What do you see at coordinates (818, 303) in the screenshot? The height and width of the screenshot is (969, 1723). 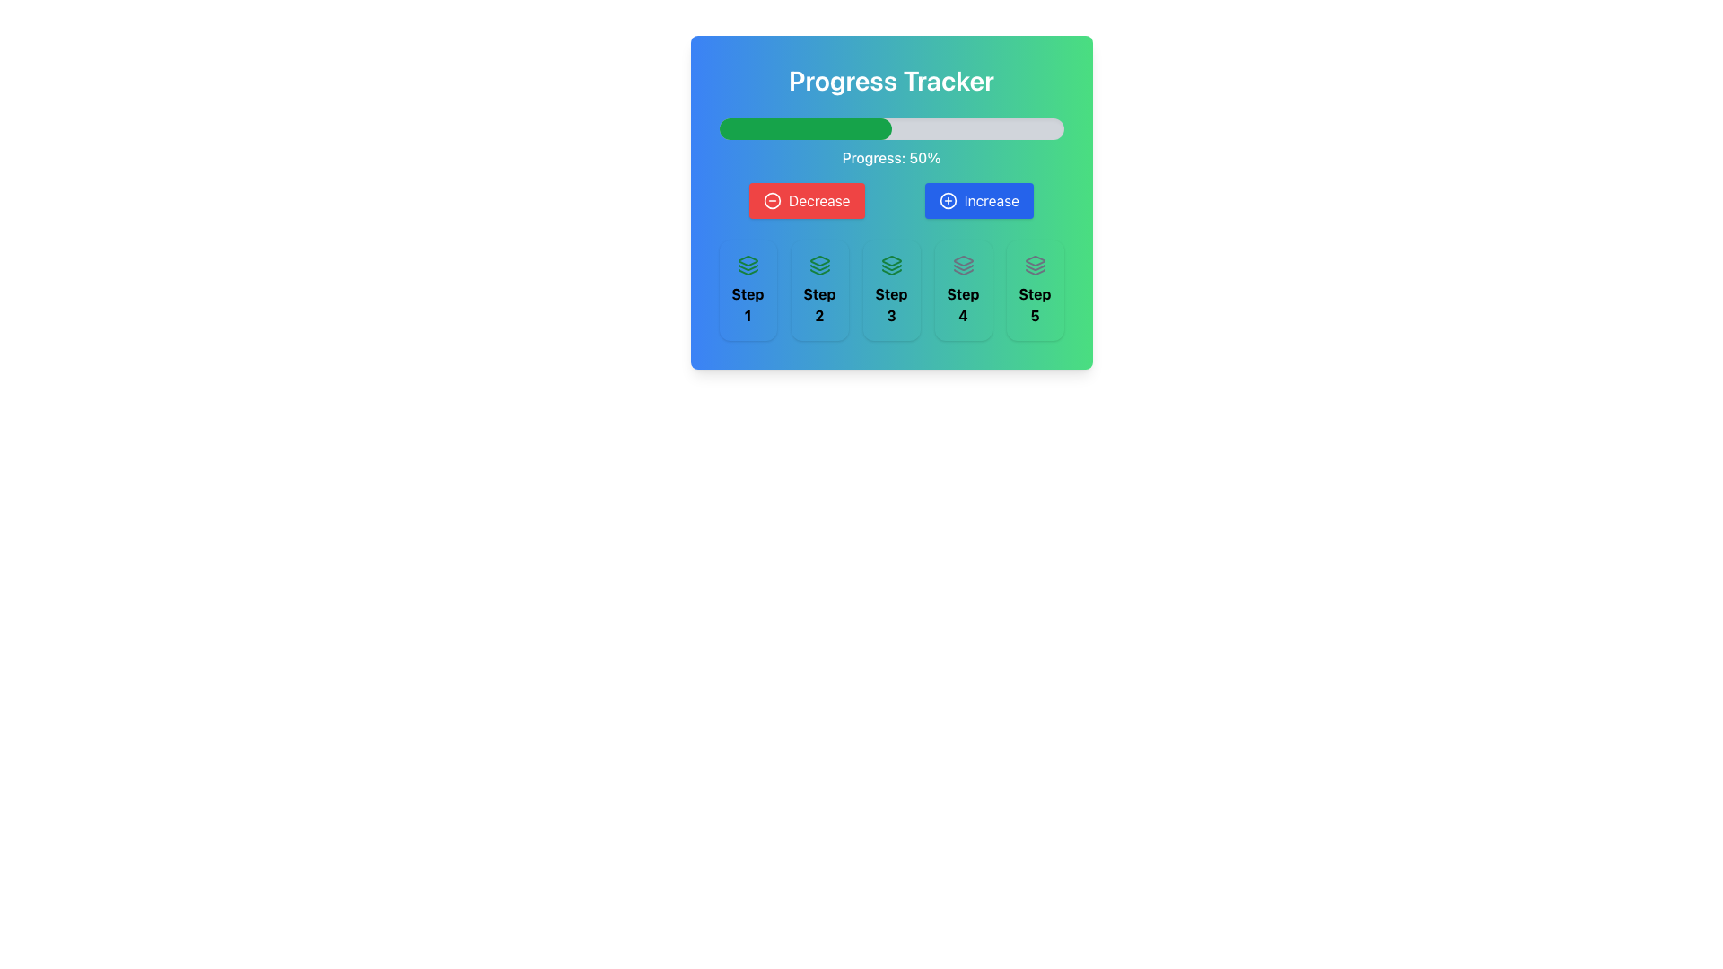 I see `text of the Text Label element displaying 'Step 2', which is bold and positioned below a layers icon in a vertical layout` at bounding box center [818, 303].